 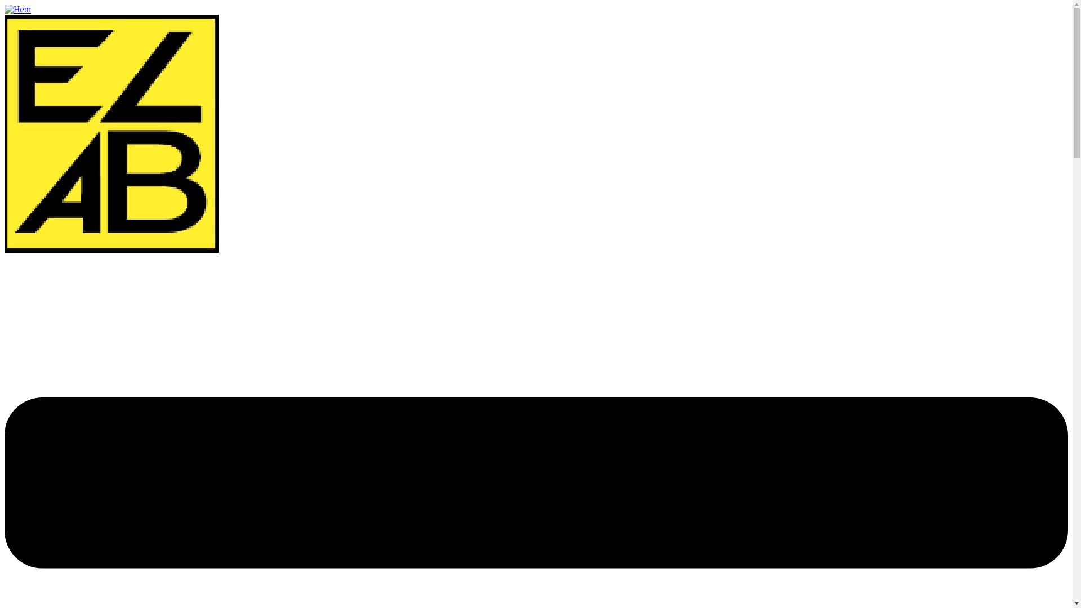 I want to click on 'Hem', so click(x=5, y=9).